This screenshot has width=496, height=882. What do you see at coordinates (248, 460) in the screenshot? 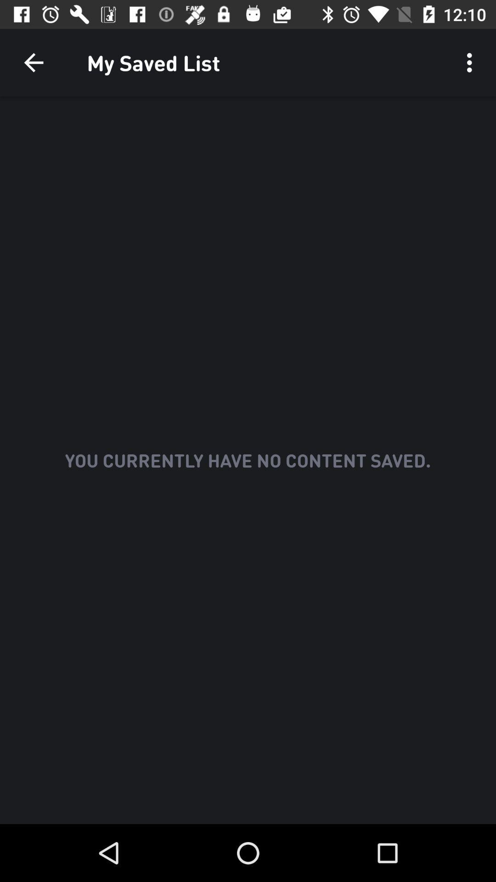
I see `the text at middle of the page` at bounding box center [248, 460].